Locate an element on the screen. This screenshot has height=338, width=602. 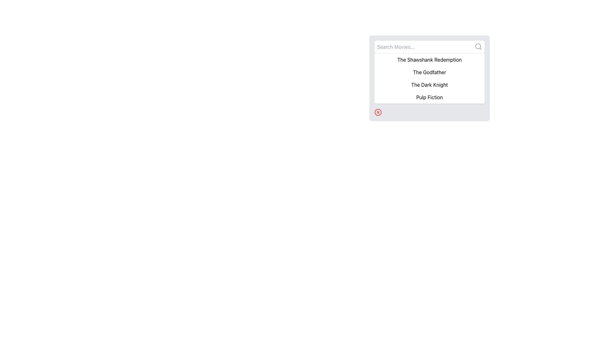
the magnifying glass icon located at the top-right corner of the input field within the search box is located at coordinates (478, 46).